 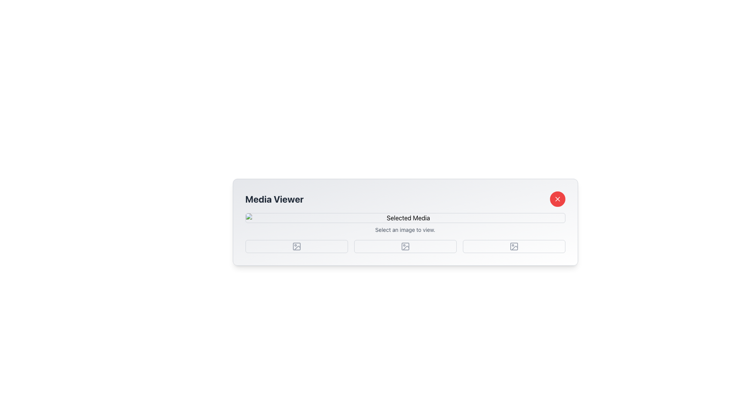 What do you see at coordinates (557, 198) in the screenshot?
I see `the red circular button containing the white 'X' icon in the top-right corner of the 'Media Viewer' panel` at bounding box center [557, 198].